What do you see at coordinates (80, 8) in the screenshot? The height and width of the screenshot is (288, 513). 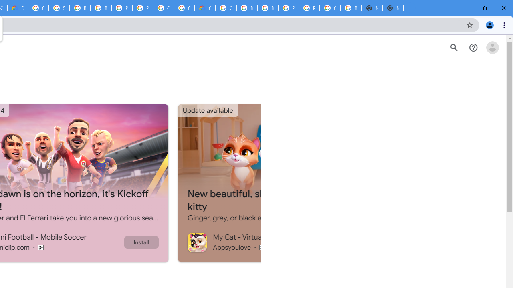 I see `'Browse Chrome as a guest - Computer - Google Chrome Help'` at bounding box center [80, 8].